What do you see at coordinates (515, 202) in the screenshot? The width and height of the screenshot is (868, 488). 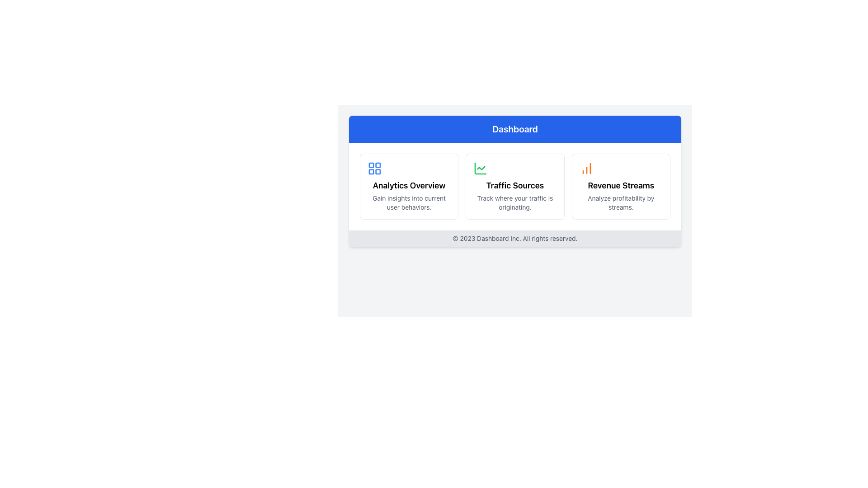 I see `the Static Text element that provides descriptive information about the 'Traffic Sources' feature, located below the 'Traffic Sources' heading in the second column of a three-column layout` at bounding box center [515, 202].